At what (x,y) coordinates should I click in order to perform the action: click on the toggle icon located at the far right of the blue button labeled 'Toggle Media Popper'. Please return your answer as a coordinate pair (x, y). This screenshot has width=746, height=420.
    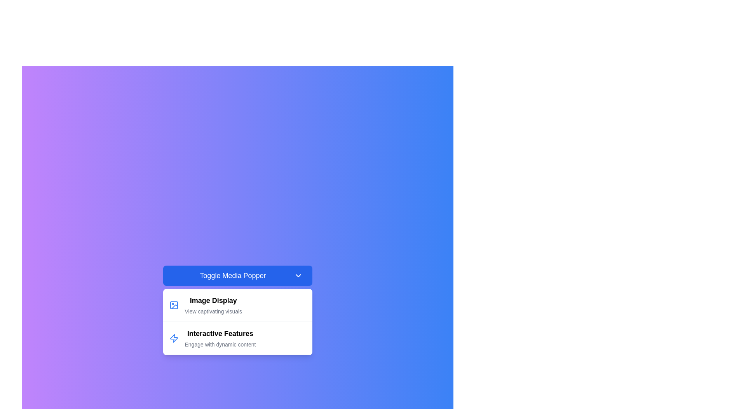
    Looking at the image, I should click on (298, 275).